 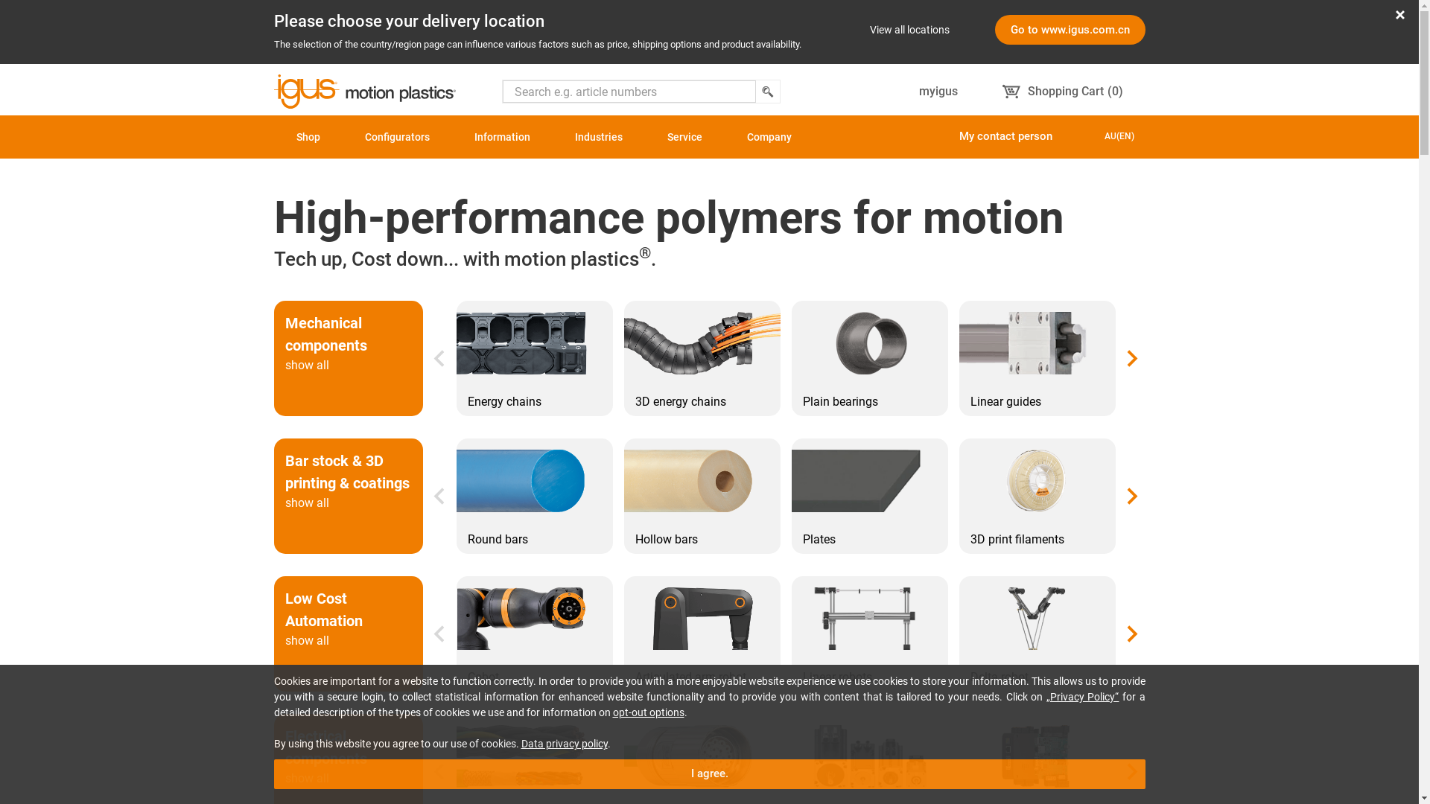 What do you see at coordinates (1119, 135) in the screenshot?
I see `'AU(EN)'` at bounding box center [1119, 135].